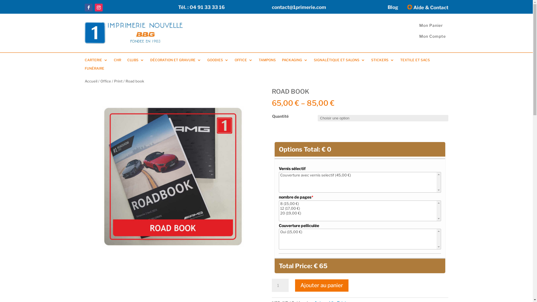  What do you see at coordinates (135, 61) in the screenshot?
I see `'CLUBS'` at bounding box center [135, 61].